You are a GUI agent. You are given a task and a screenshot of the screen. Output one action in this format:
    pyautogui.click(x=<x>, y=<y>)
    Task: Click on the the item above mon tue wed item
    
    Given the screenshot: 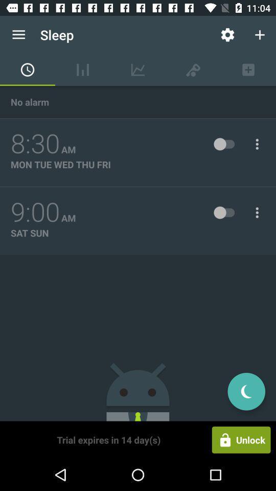 What is the action you would take?
    pyautogui.click(x=35, y=143)
    